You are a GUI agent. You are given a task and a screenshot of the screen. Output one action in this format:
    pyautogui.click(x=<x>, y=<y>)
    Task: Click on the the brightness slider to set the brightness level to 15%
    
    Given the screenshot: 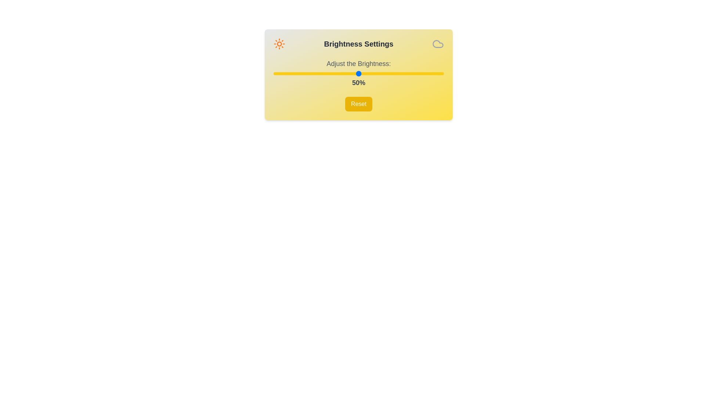 What is the action you would take?
    pyautogui.click(x=299, y=73)
    